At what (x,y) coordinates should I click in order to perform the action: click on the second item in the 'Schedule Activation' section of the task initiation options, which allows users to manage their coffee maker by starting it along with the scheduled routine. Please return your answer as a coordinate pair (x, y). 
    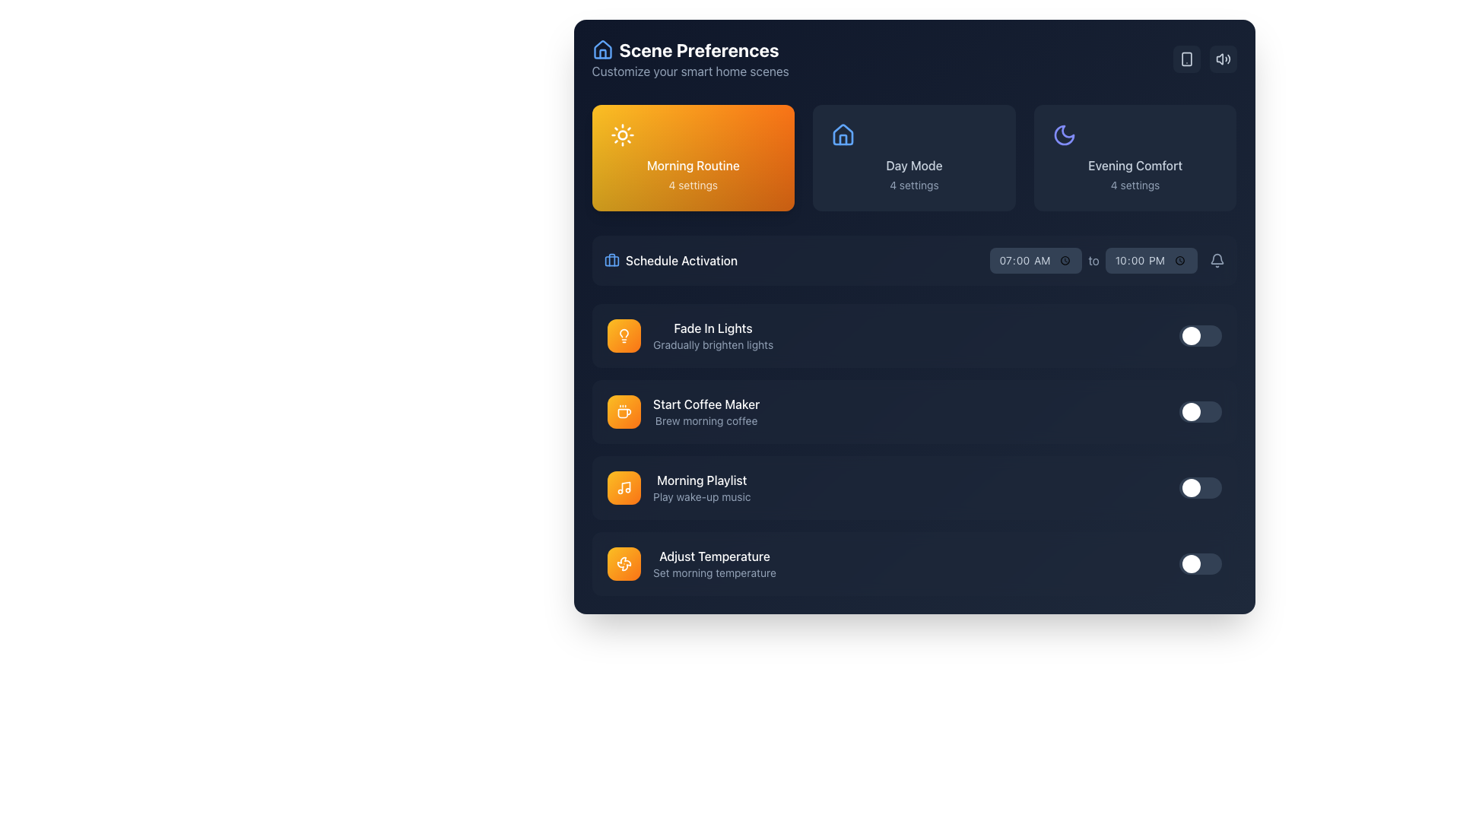
    Looking at the image, I should click on (682, 412).